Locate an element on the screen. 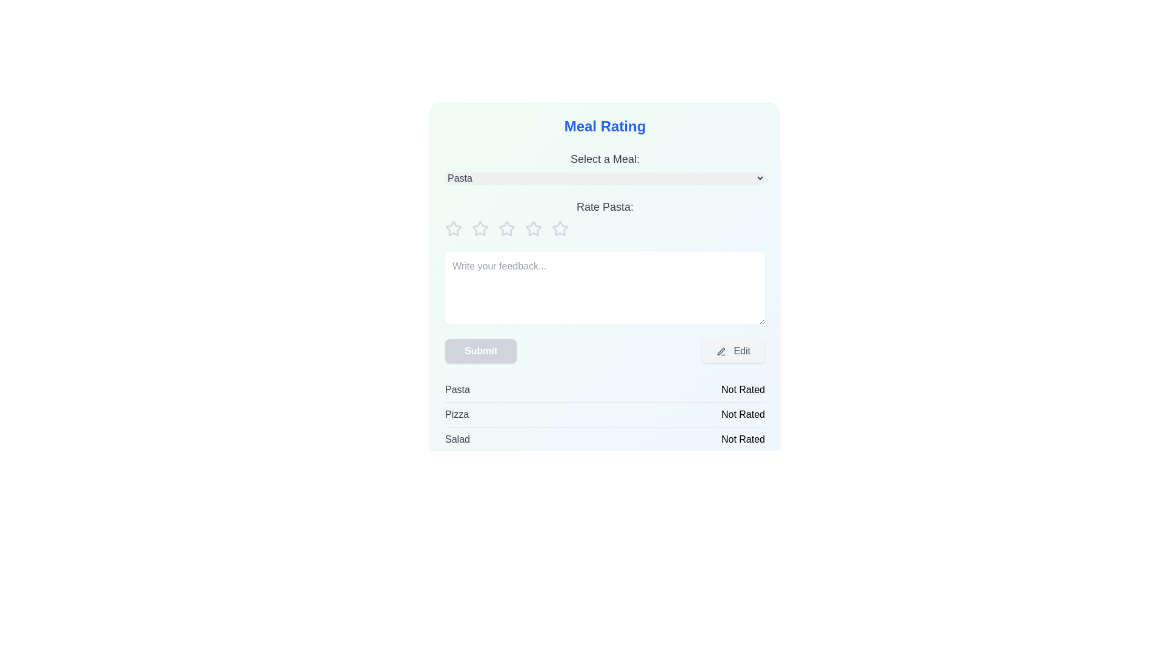 This screenshot has width=1163, height=654. the static text label displaying 'Pasta' which identifies the meal within the list of meals being rated is located at coordinates (457, 390).